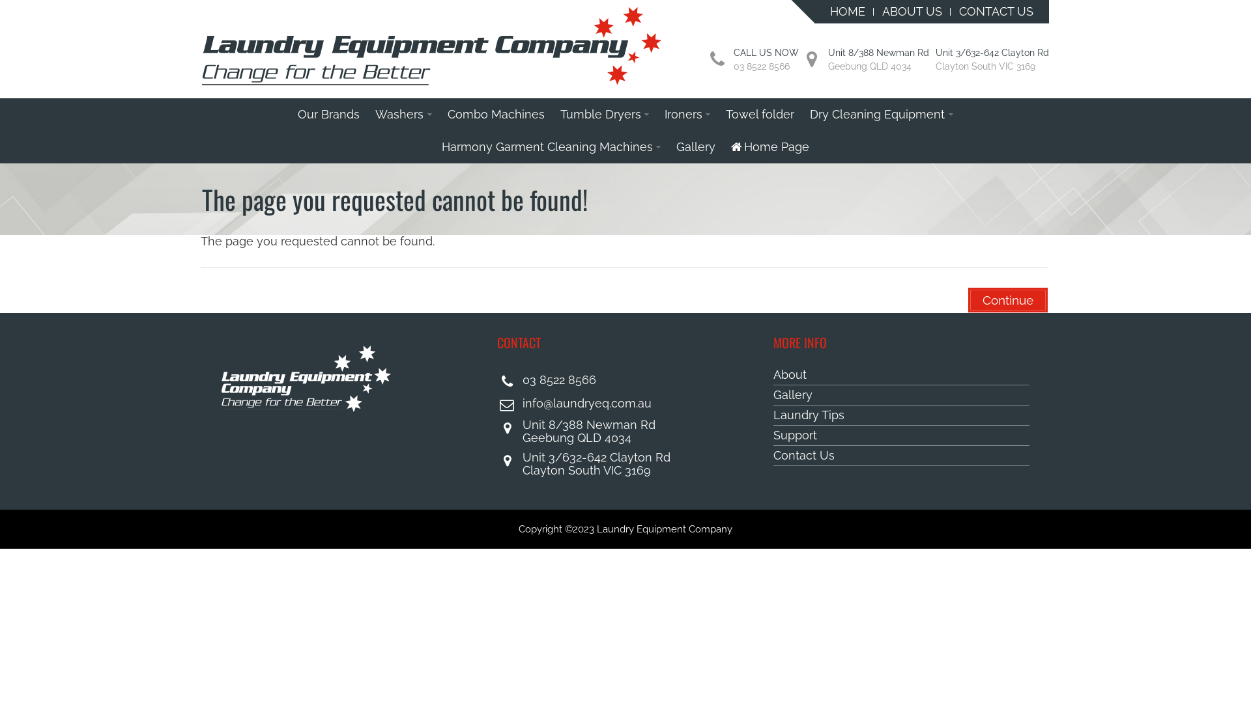  Describe the element at coordinates (553, 114) in the screenshot. I see `'Tumble Dryers'` at that location.